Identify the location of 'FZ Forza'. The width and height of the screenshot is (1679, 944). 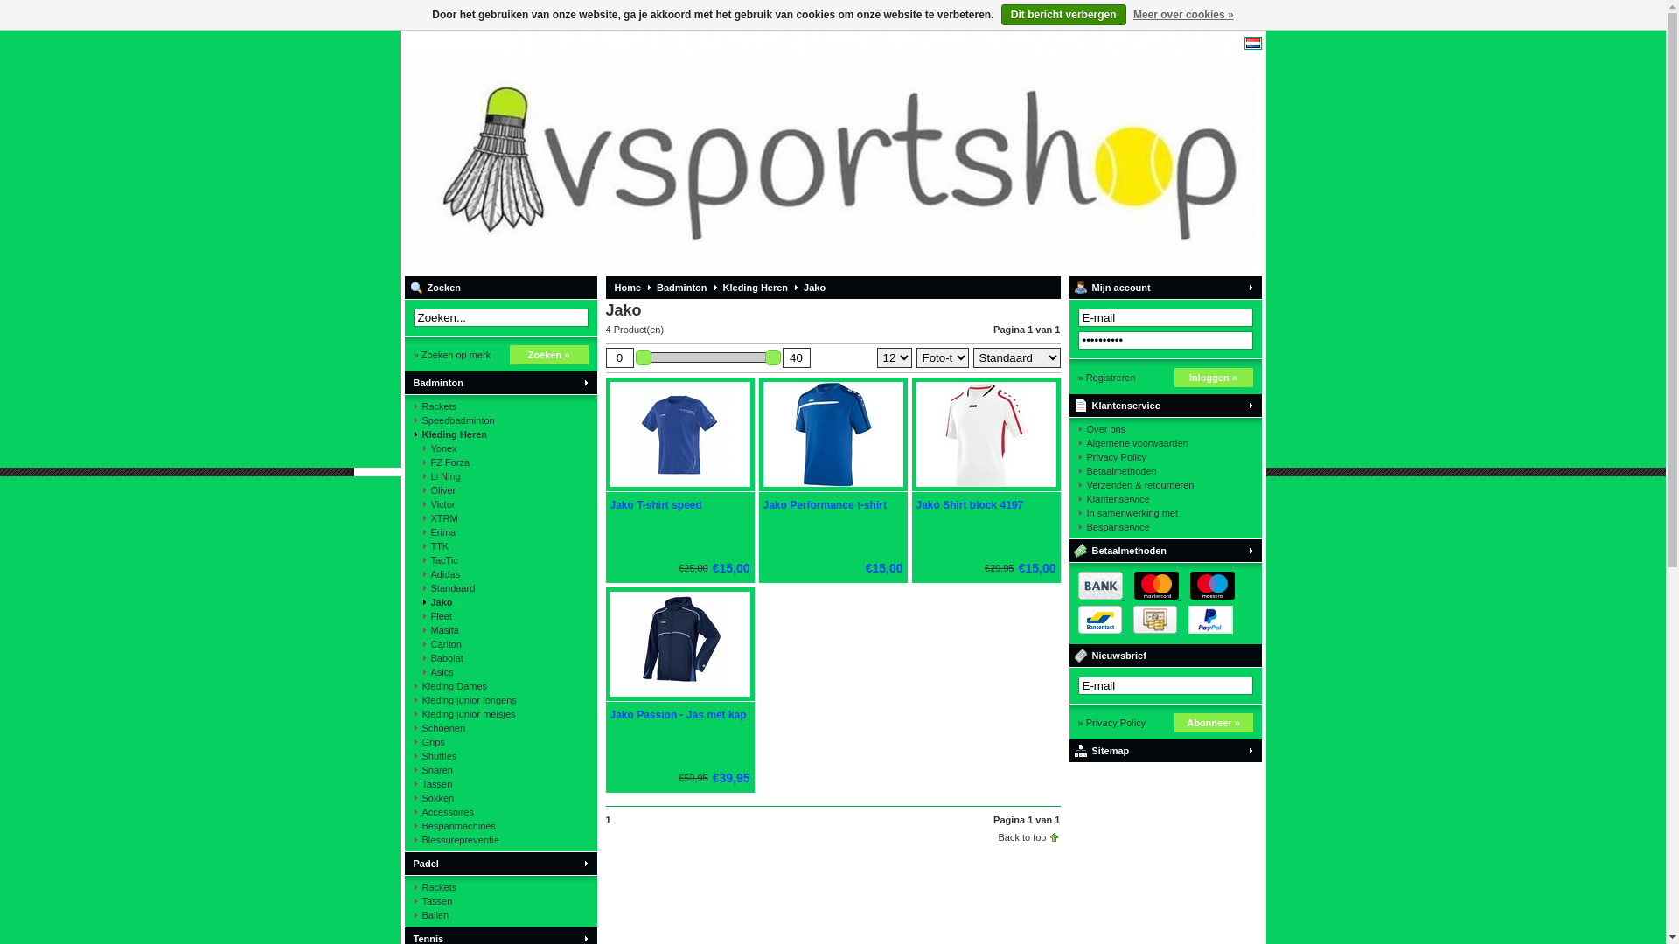
(498, 461).